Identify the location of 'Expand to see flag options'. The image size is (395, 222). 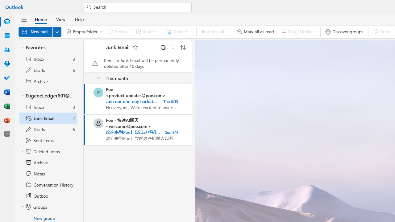
(316, 31).